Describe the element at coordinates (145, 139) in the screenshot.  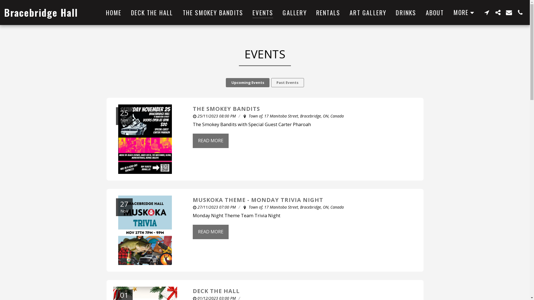
I see `'25` at that location.